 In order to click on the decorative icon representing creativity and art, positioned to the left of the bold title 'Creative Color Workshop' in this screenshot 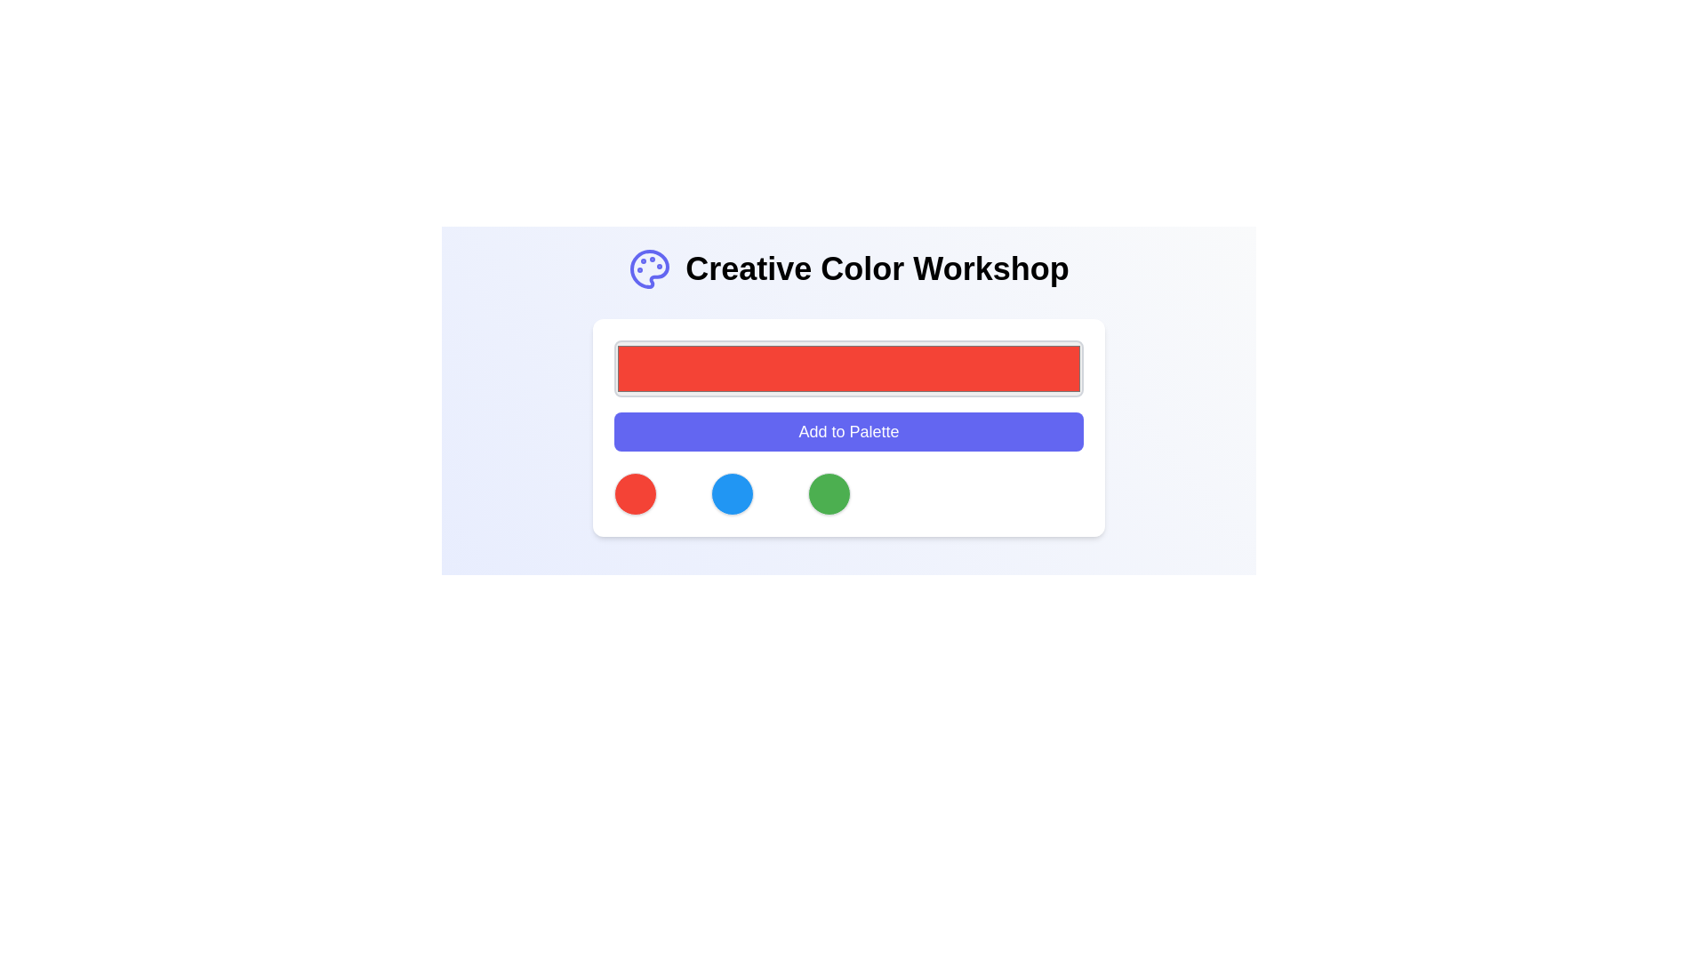, I will do `click(649, 269)`.